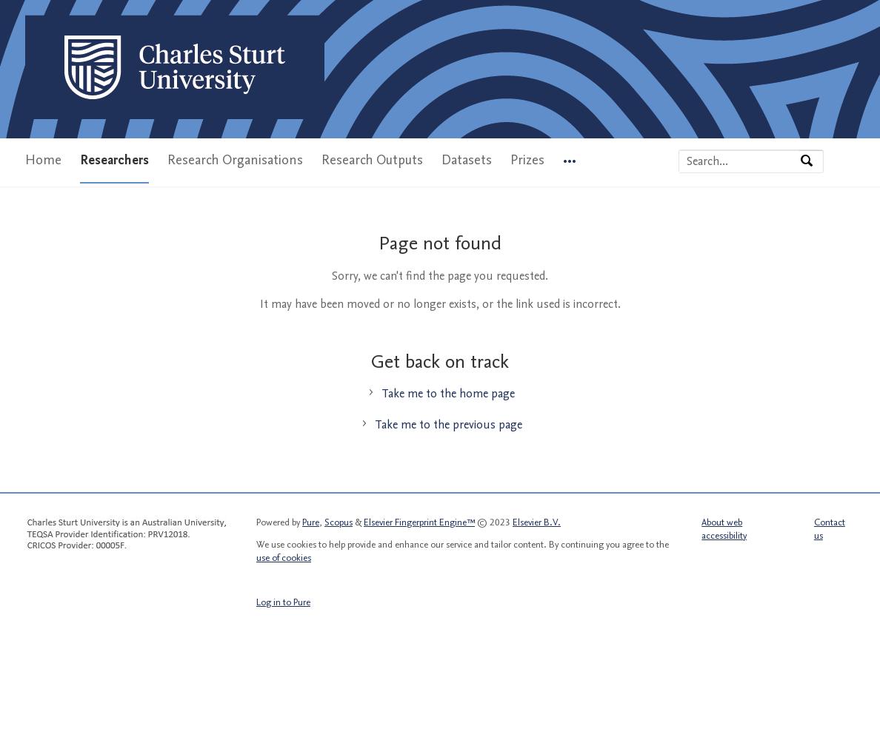 The image size is (880, 740). Describe the element at coordinates (447, 393) in the screenshot. I see `'Take me to the home page'` at that location.